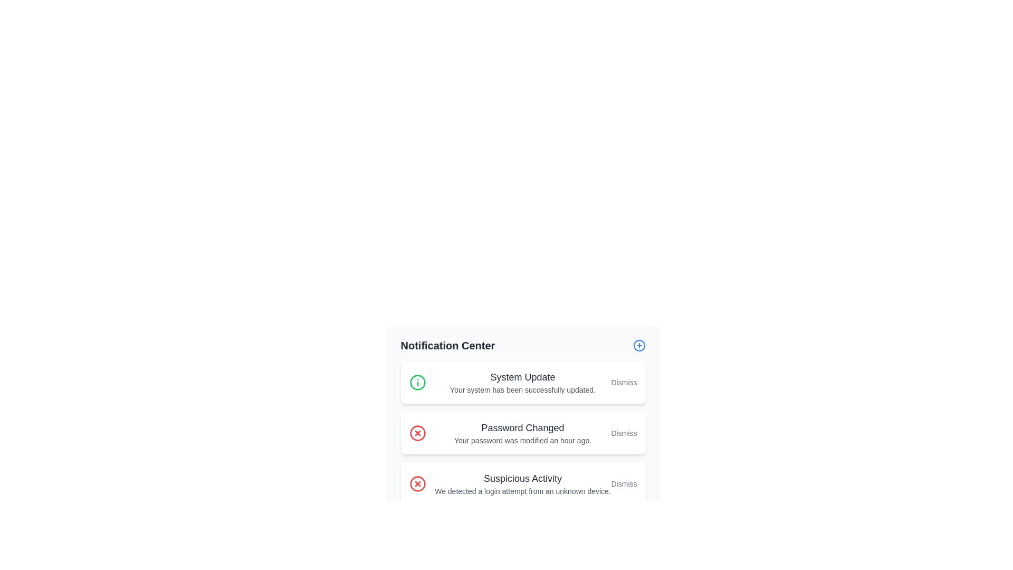 This screenshot has height=570, width=1013. I want to click on the 'Circle Plus' button with a blue outline located at the top-right corner of the 'Notification Center', so click(638, 346).